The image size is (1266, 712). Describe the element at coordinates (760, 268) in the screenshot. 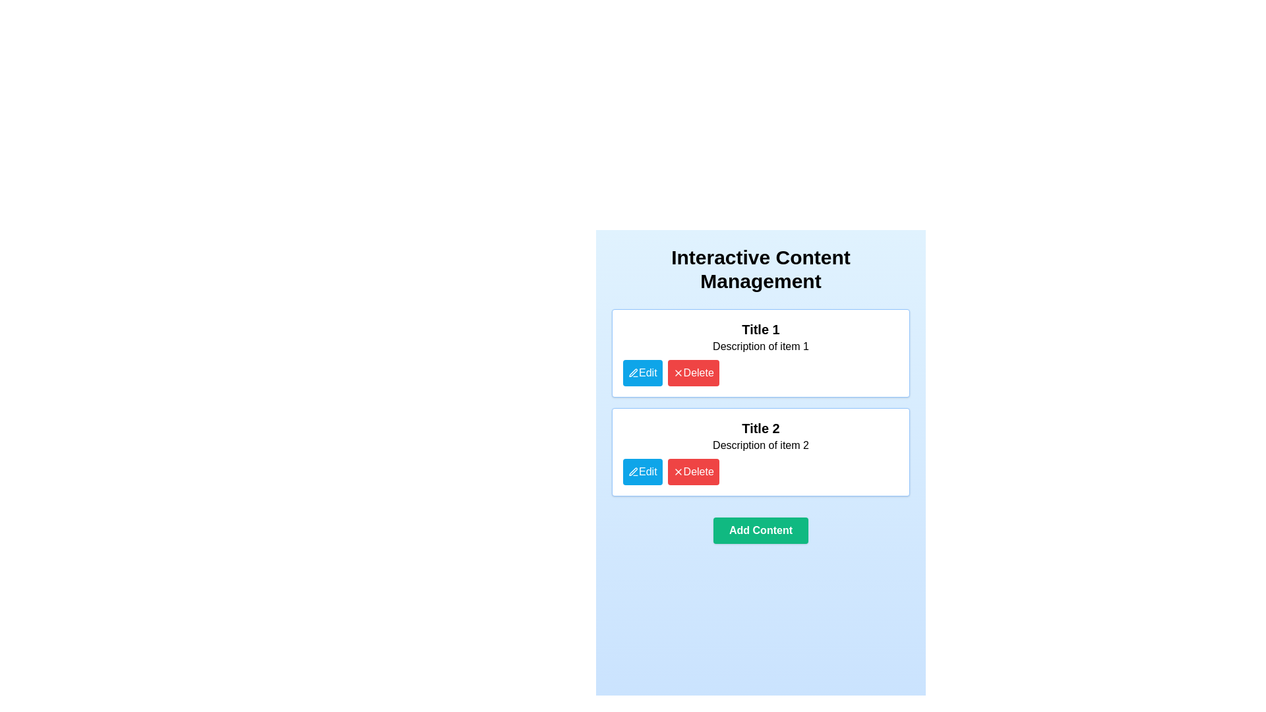

I see `the title/header element located at the top of the interface, which provides context for the visible content and is positioned above 'Title 1' and 'Title 2'` at that location.